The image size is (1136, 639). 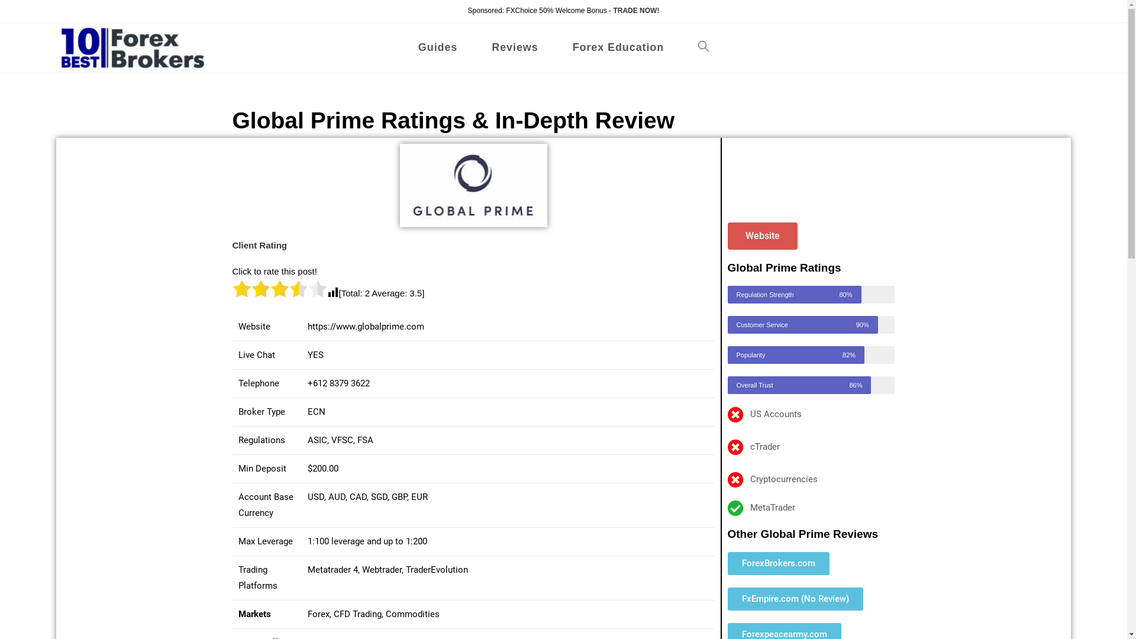 What do you see at coordinates (727, 599) in the screenshot?
I see `'FxEmpire.com (No Review)'` at bounding box center [727, 599].